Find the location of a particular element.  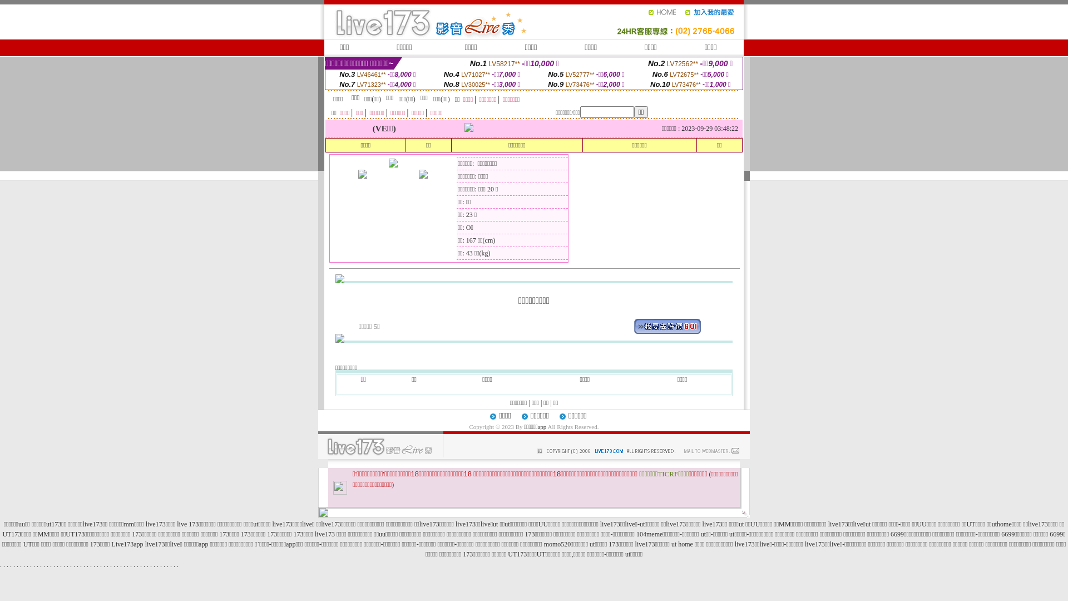

'.' is located at coordinates (174, 564).